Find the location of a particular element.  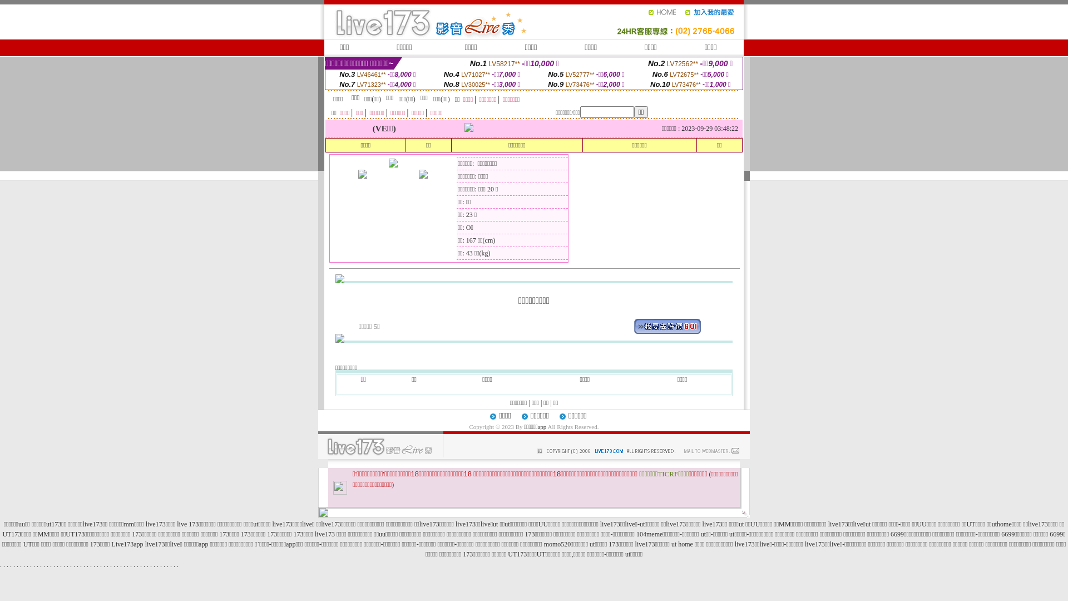

'.' is located at coordinates (174, 564).